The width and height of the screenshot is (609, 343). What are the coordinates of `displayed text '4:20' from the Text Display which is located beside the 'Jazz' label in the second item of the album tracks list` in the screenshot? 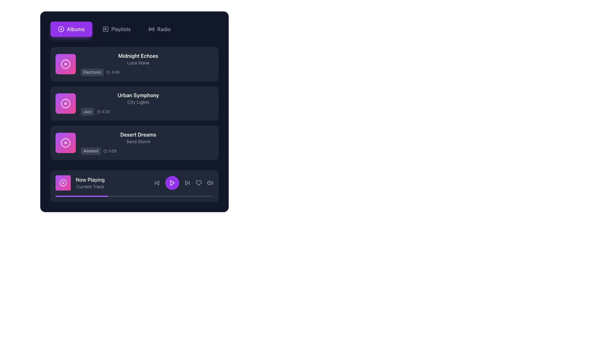 It's located at (103, 111).